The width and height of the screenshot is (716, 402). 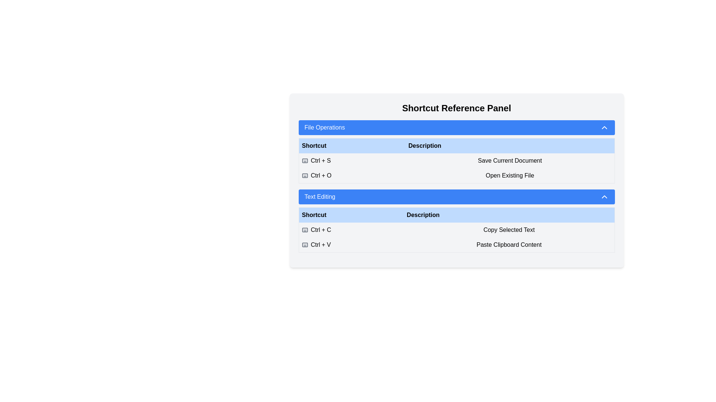 I want to click on the Text label that describes the 'Ctrl + O' keyboard shortcut for opening an existing file, located in the second row under the 'Description' column of the 'File Operations' section, so click(x=509, y=176).